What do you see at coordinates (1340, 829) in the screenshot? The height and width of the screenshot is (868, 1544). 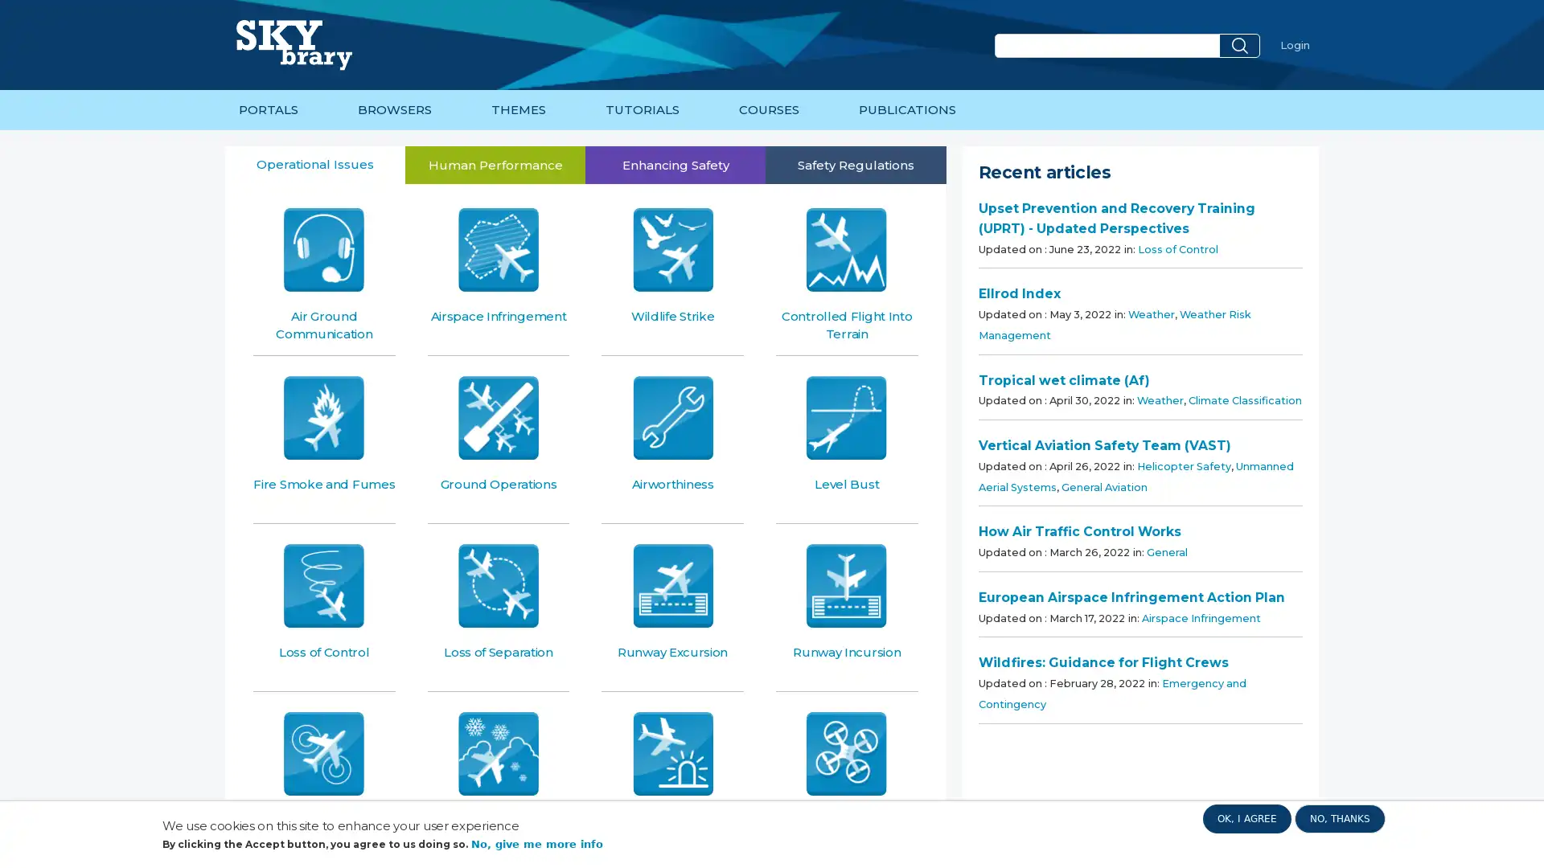 I see `NO, THANKS` at bounding box center [1340, 829].